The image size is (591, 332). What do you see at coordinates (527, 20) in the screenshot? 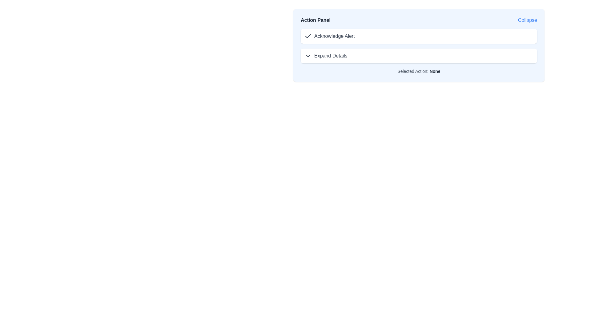
I see `the hyperlink located on the right side of the 'Action Panel'` at bounding box center [527, 20].